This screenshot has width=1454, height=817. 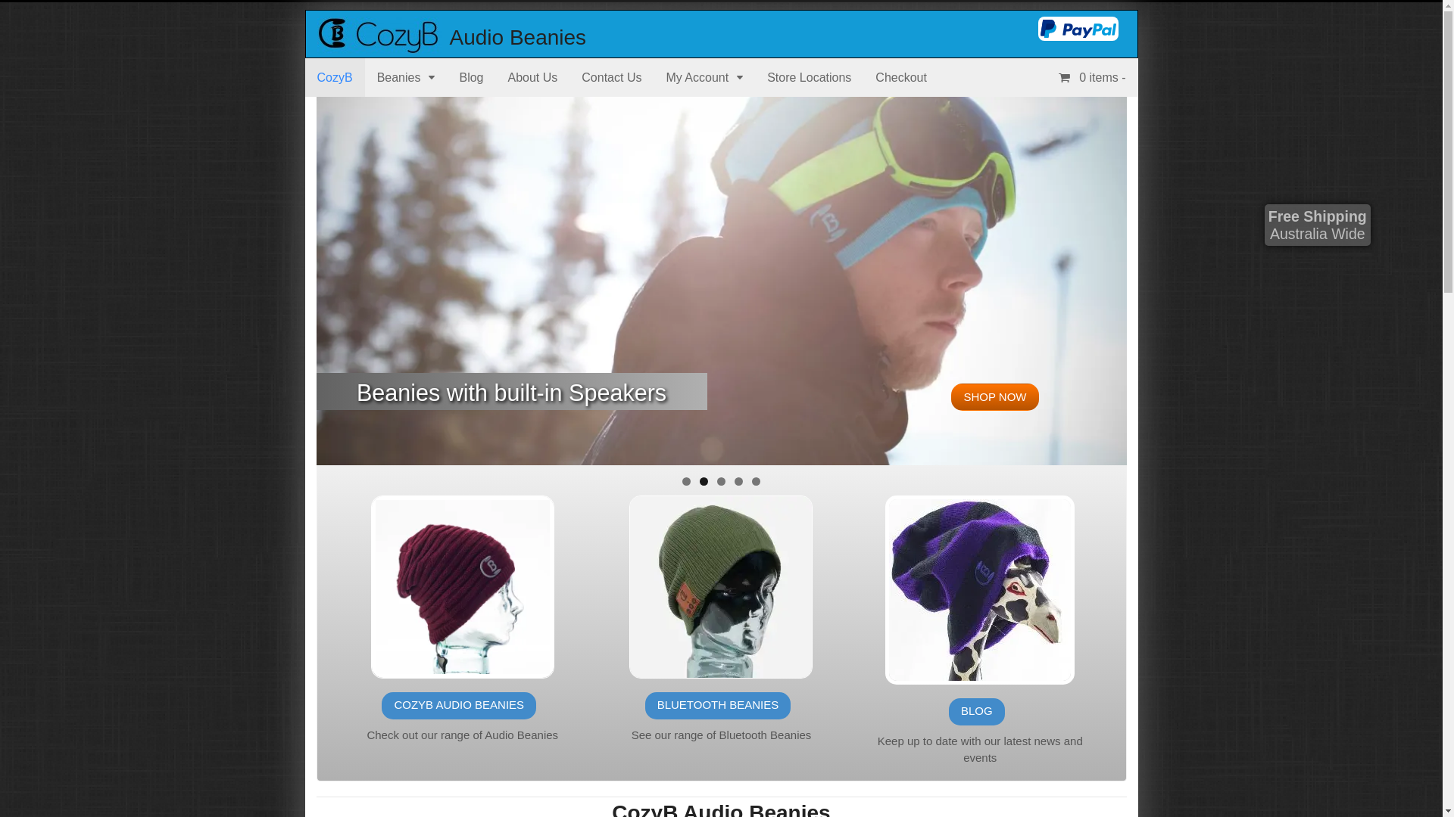 What do you see at coordinates (379, 45) in the screenshot?
I see `'Get Cozy'` at bounding box center [379, 45].